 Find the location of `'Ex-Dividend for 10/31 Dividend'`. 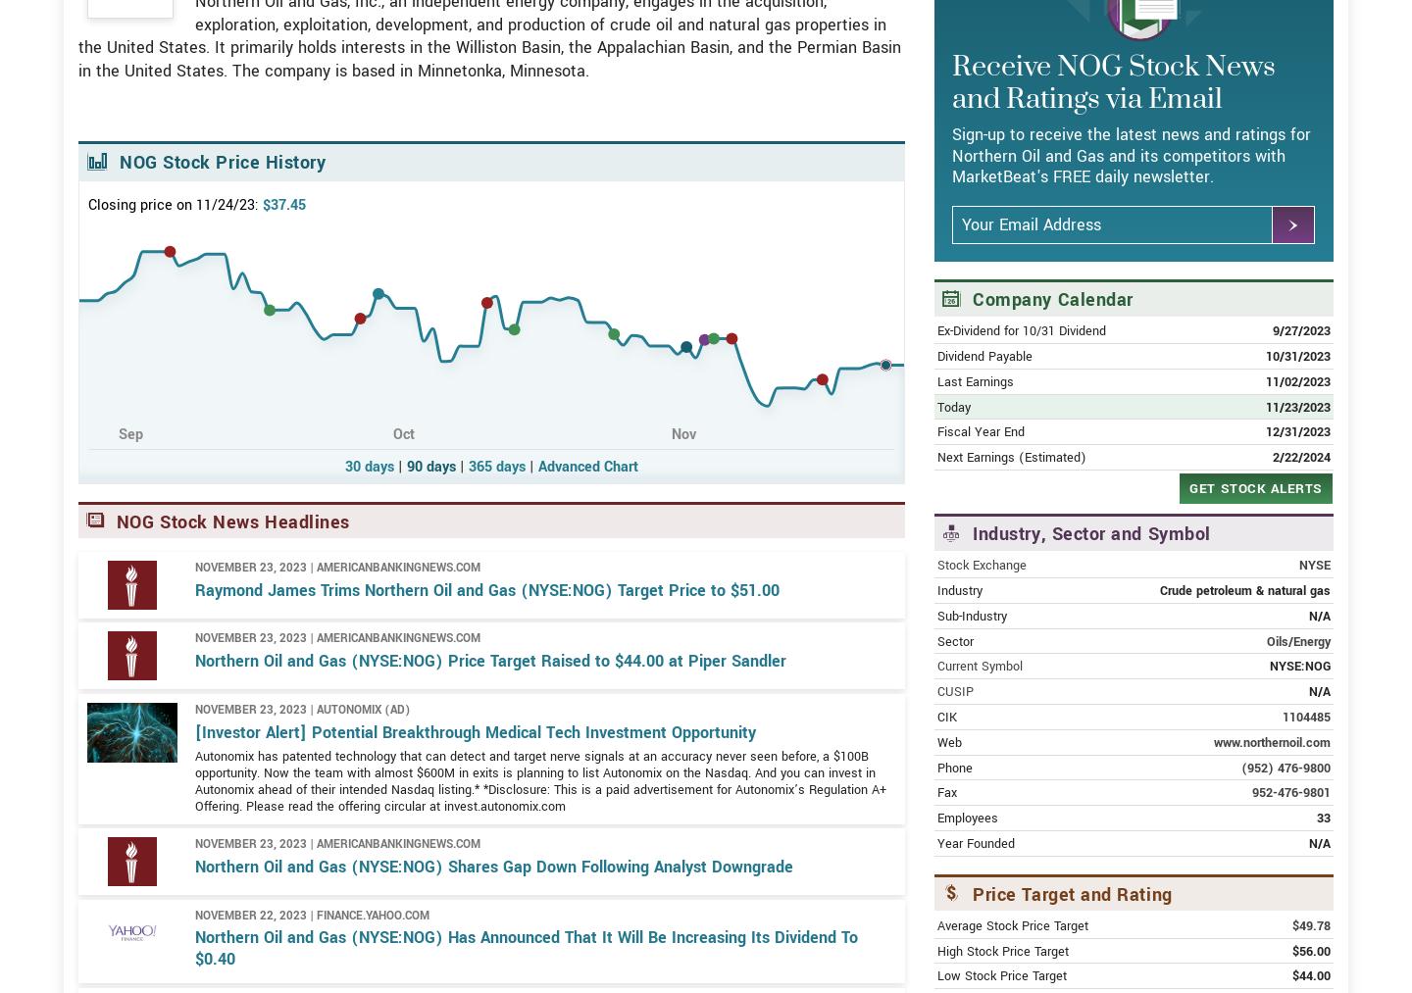

'Ex-Dividend for 10/31 Dividend' is located at coordinates (1021, 400).